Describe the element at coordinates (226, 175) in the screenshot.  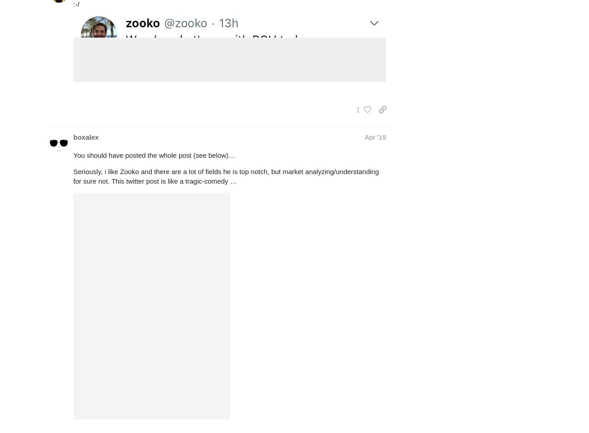
I see `'Seriously, i like Zooko and there are a lot of fields he is top notch, but market analyzing/understanding for sure not. This twitter post is like a tragic-comedy …'` at that location.